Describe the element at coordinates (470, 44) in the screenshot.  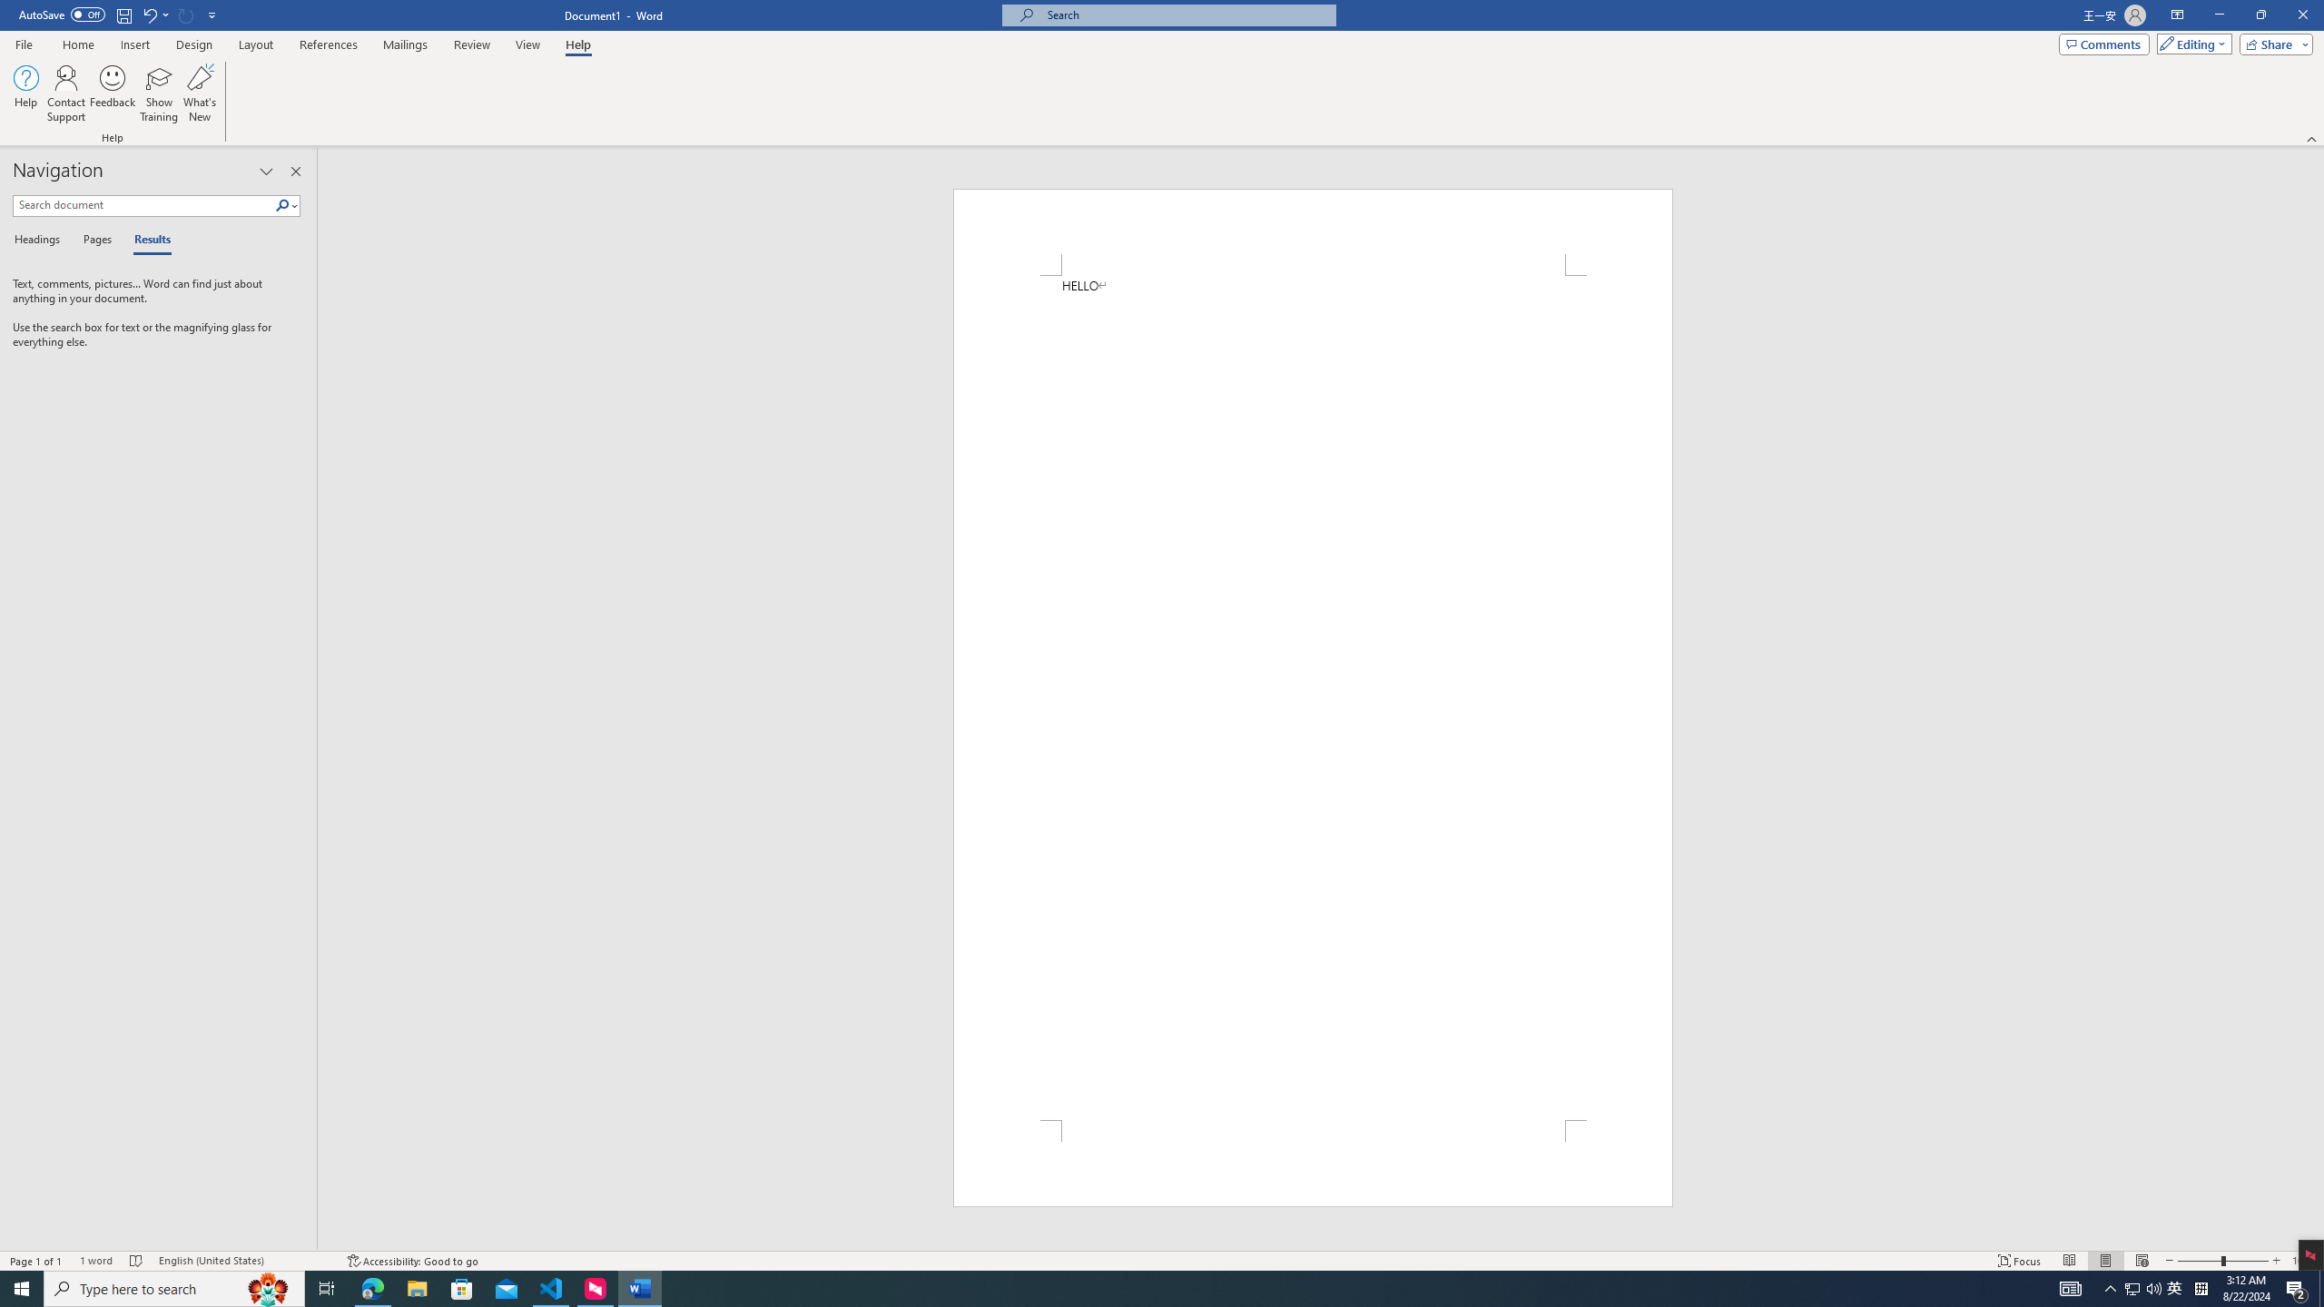
I see `'Review'` at that location.